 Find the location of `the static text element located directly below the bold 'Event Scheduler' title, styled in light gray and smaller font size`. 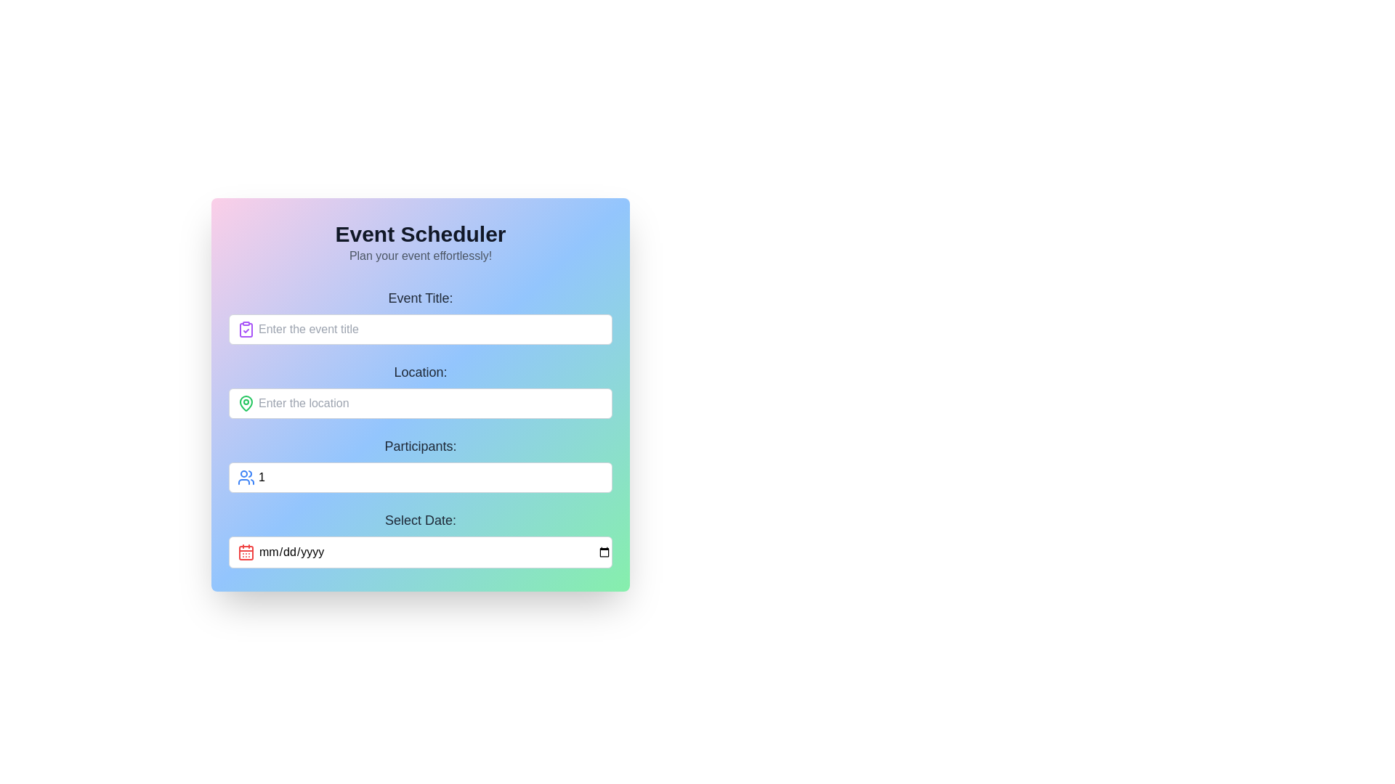

the static text element located directly below the bold 'Event Scheduler' title, styled in light gray and smaller font size is located at coordinates (420, 256).